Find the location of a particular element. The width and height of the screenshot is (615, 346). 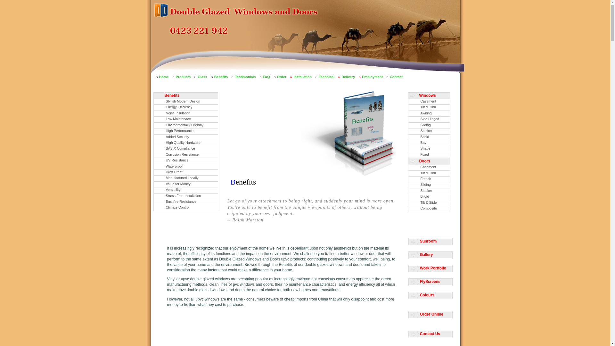

'Environmentally Friendly' is located at coordinates (185, 125).